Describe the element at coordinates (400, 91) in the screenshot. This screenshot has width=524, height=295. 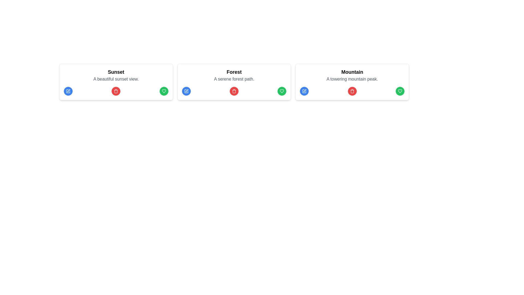
I see `the favorite button located in the bottom-right corner of the 'Mountain' card to mark the item as favorite` at that location.